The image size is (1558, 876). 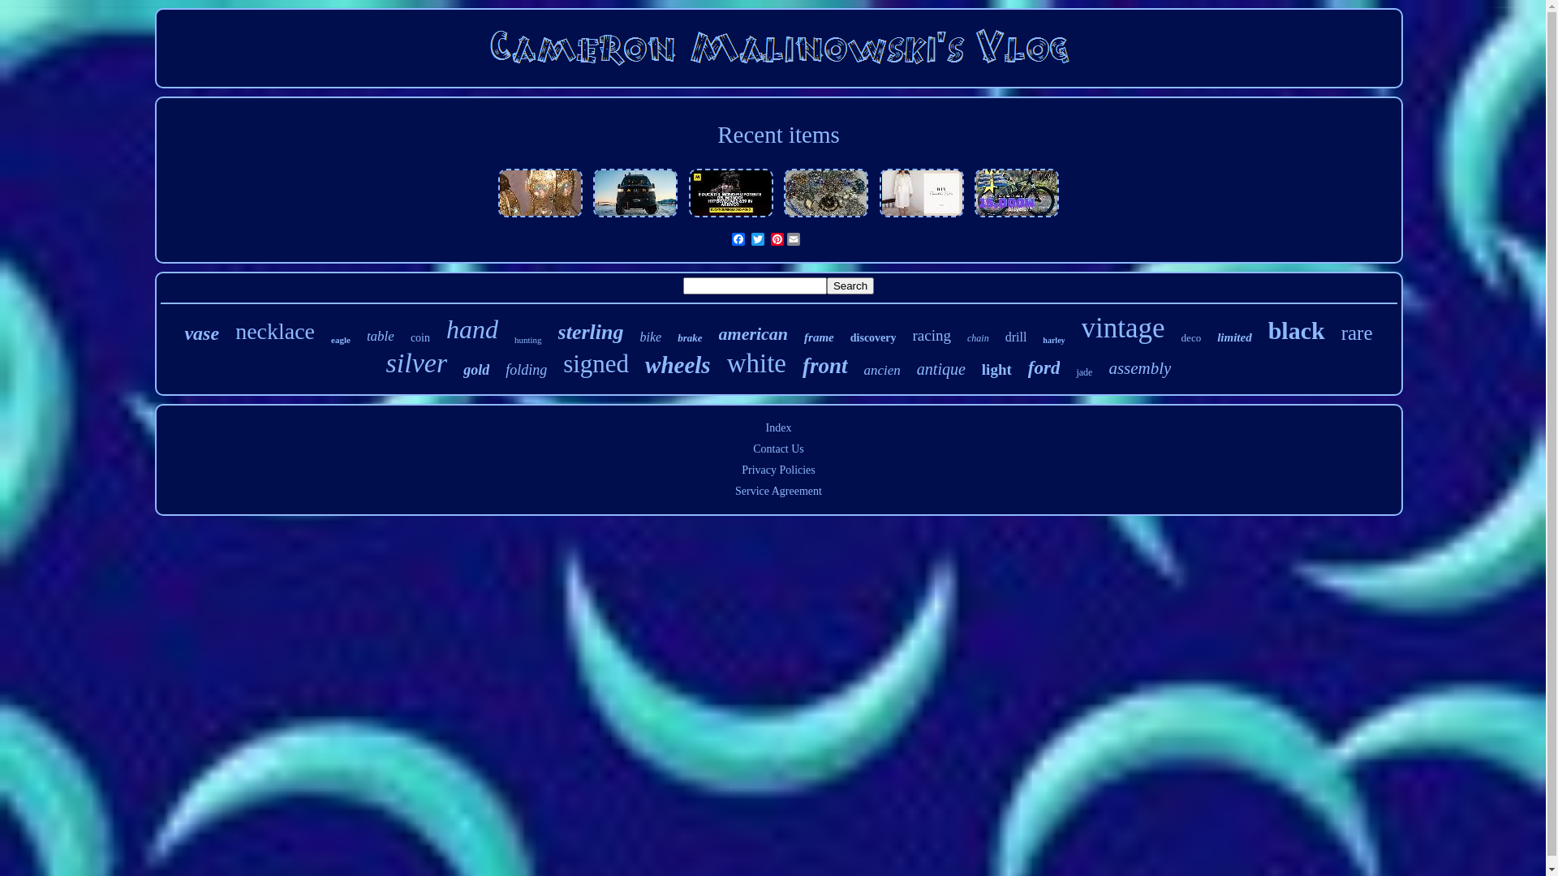 I want to click on 'racing', so click(x=932, y=334).